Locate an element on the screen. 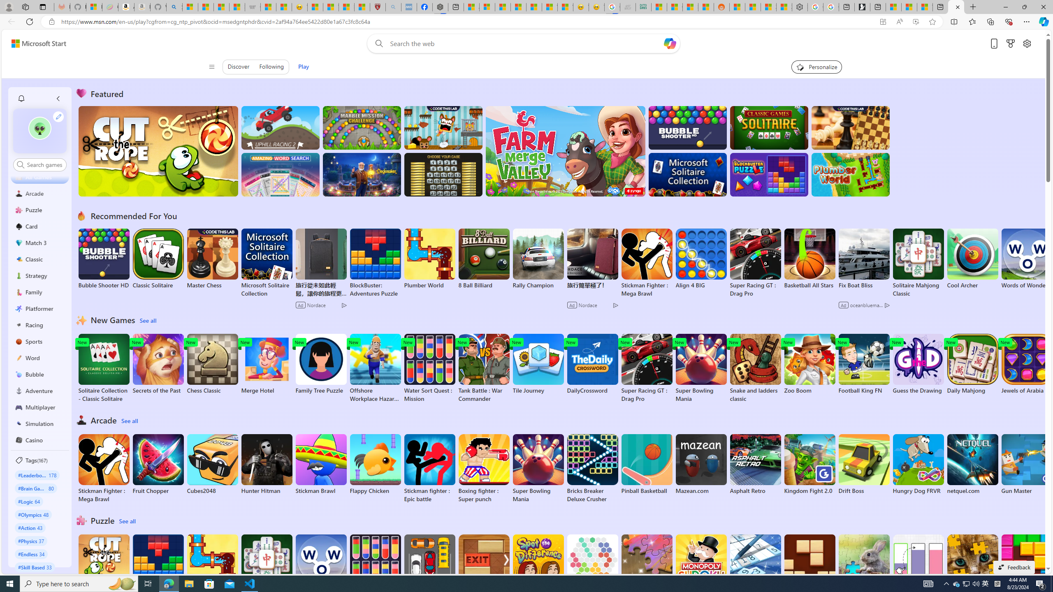  '""' is located at coordinates (40, 128).